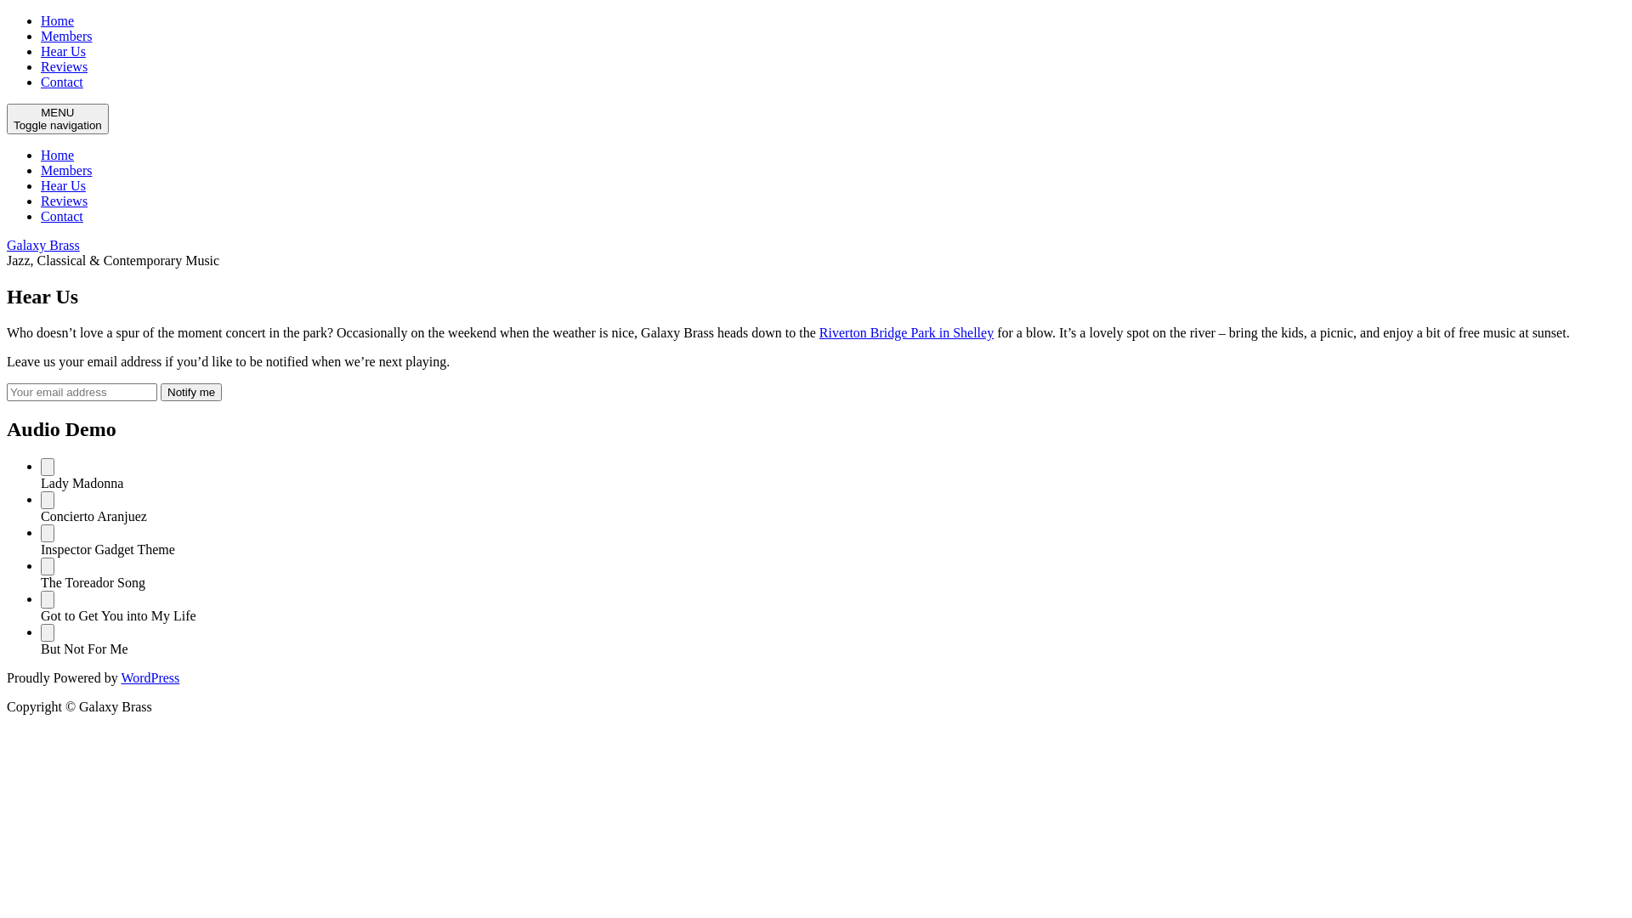 This screenshot has width=1632, height=918. Describe the element at coordinates (63, 50) in the screenshot. I see `'Hear Us'` at that location.